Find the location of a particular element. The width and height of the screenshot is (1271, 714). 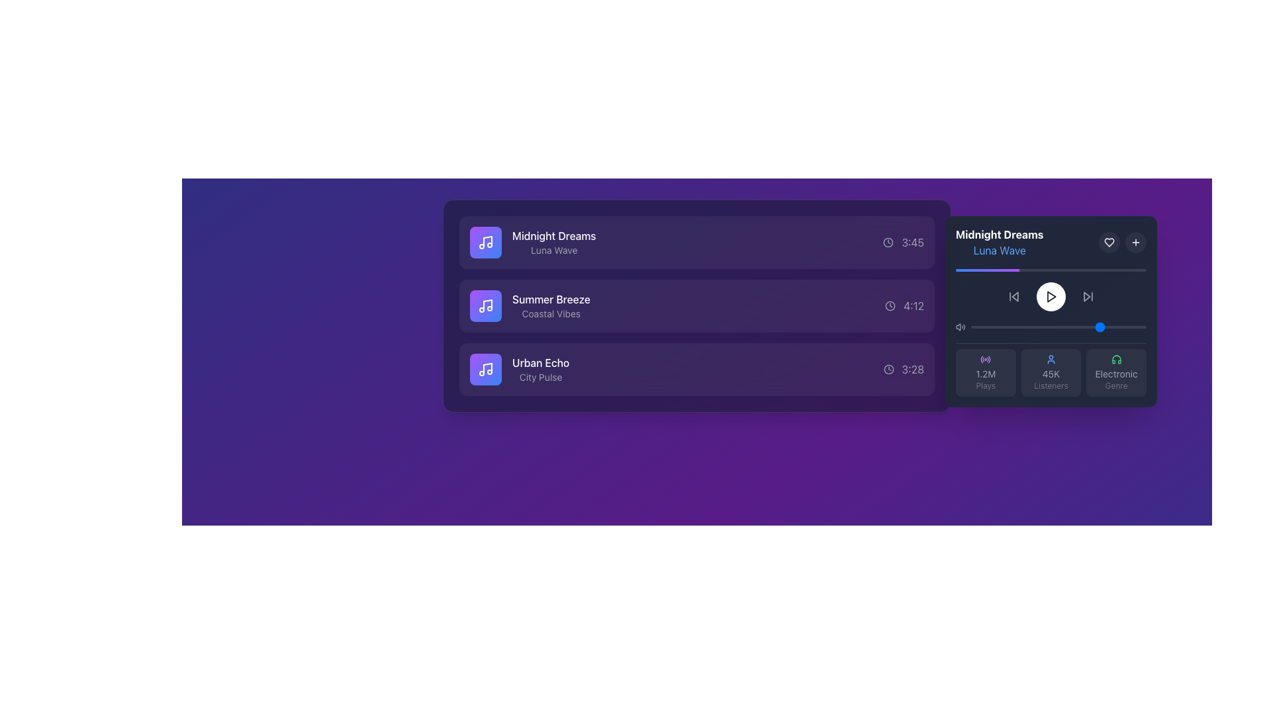

the slider is located at coordinates (1070, 327).